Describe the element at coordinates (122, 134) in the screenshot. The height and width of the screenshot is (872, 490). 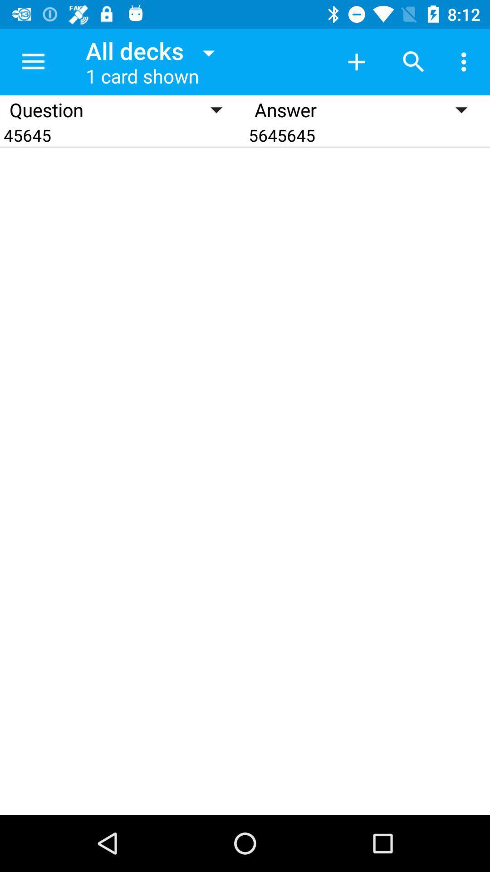
I see `the icon to the left of answer` at that location.